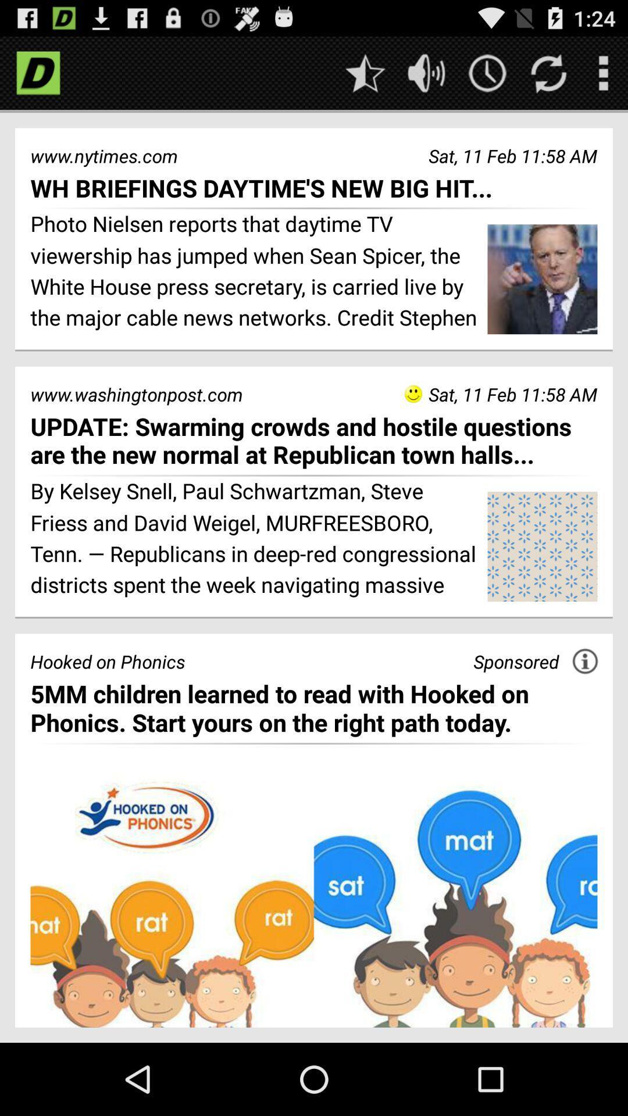  Describe the element at coordinates (314, 188) in the screenshot. I see `the icon below www.nytimes.com item` at that location.